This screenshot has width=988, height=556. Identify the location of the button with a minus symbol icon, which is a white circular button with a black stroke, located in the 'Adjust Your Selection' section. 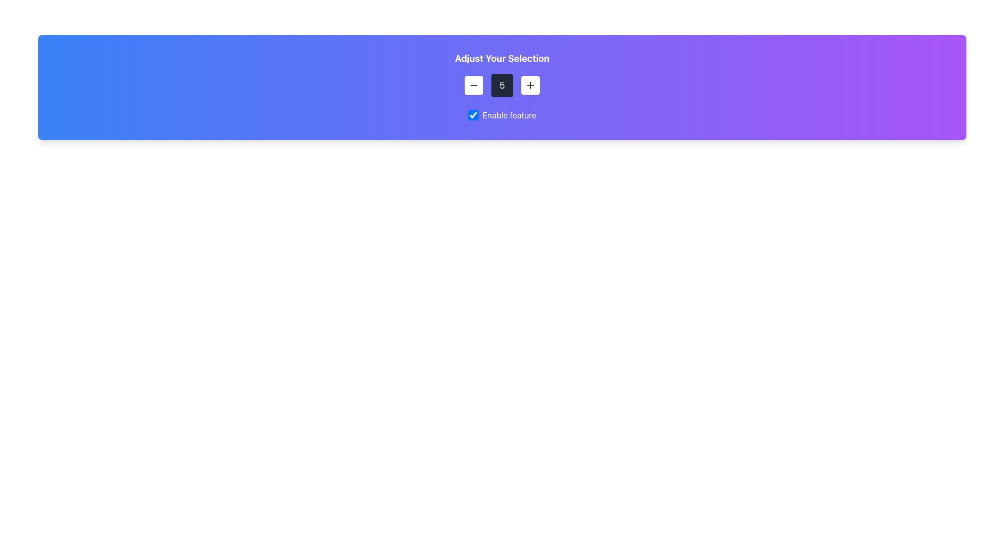
(473, 84).